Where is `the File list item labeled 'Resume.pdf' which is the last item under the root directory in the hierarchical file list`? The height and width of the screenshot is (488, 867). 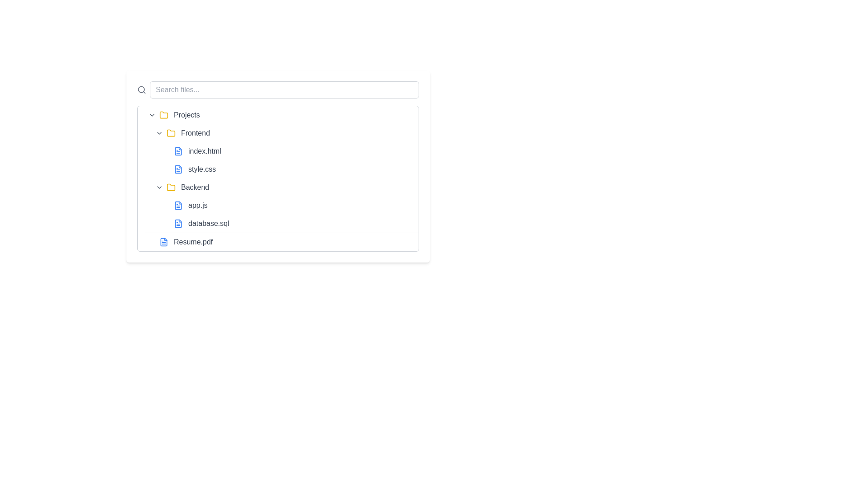
the File list item labeled 'Resume.pdf' which is the last item under the root directory in the hierarchical file list is located at coordinates (281, 242).